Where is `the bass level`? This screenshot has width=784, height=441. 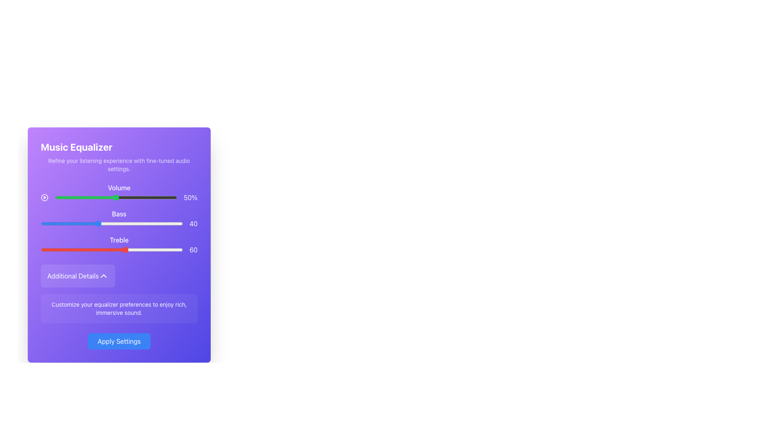
the bass level is located at coordinates (45, 223).